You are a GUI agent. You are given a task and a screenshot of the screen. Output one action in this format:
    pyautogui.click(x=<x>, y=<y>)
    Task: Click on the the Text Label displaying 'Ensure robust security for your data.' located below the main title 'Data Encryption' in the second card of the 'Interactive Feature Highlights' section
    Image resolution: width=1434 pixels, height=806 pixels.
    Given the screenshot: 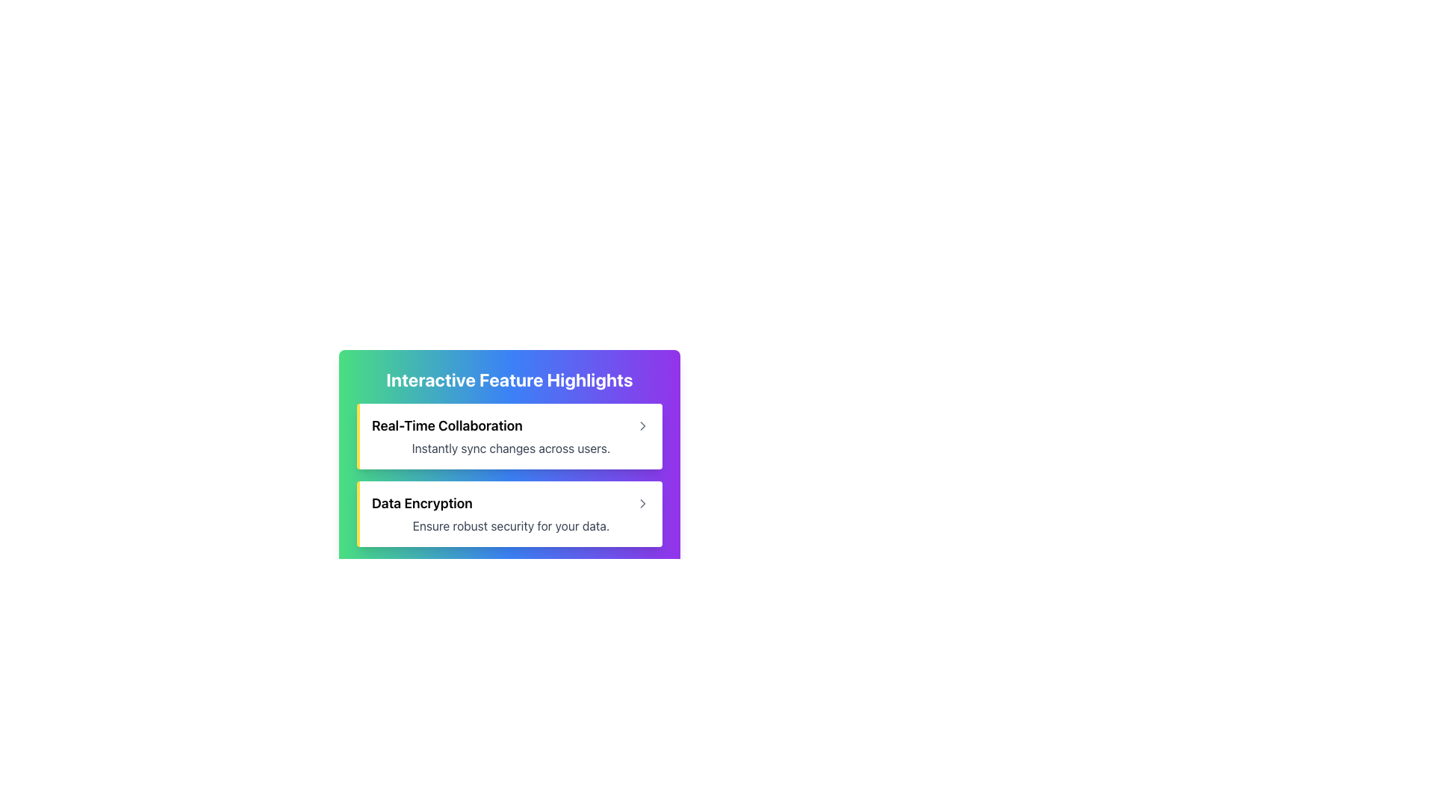 What is the action you would take?
    pyautogui.click(x=511, y=525)
    